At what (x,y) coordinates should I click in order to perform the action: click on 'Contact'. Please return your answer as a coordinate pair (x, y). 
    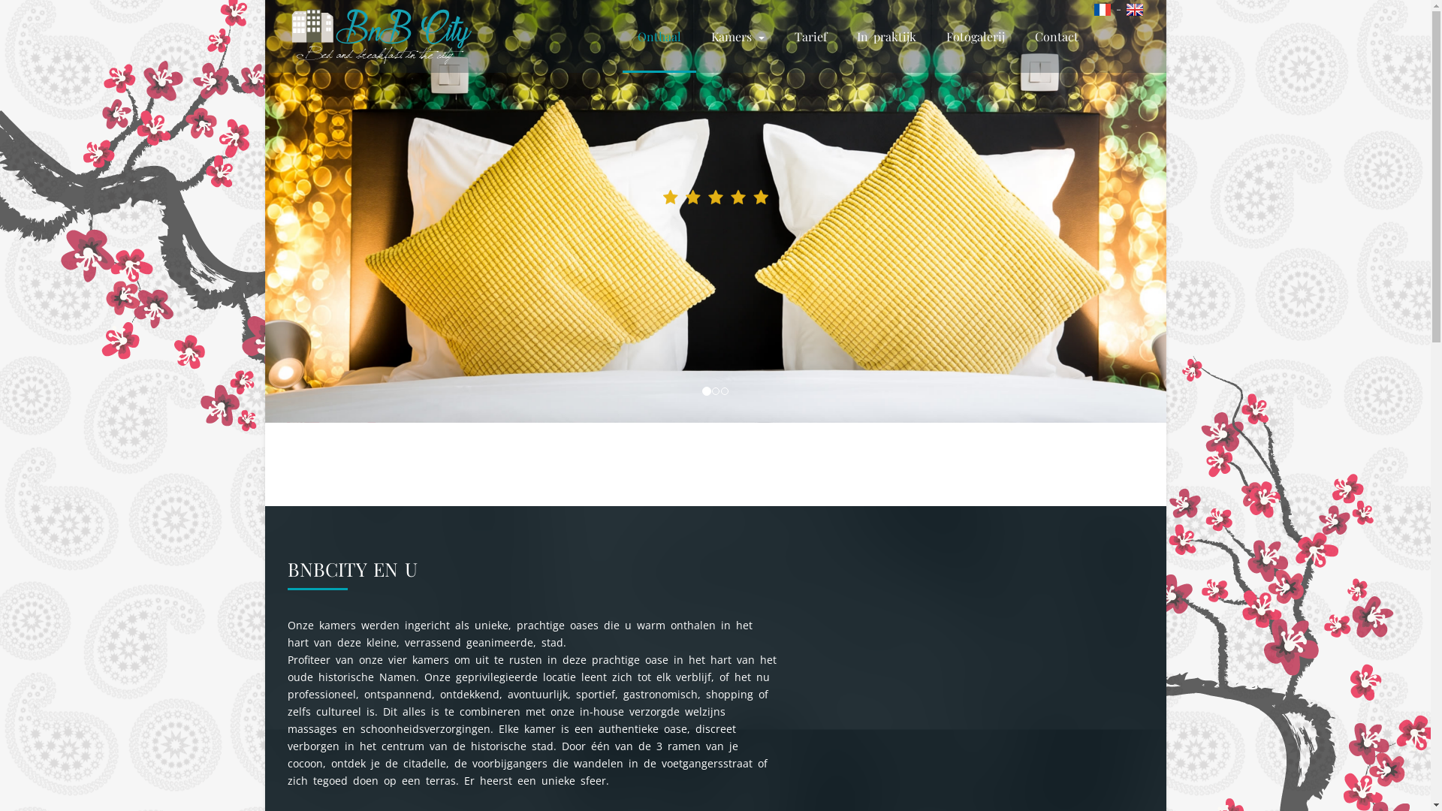
    Looking at the image, I should click on (1020, 35).